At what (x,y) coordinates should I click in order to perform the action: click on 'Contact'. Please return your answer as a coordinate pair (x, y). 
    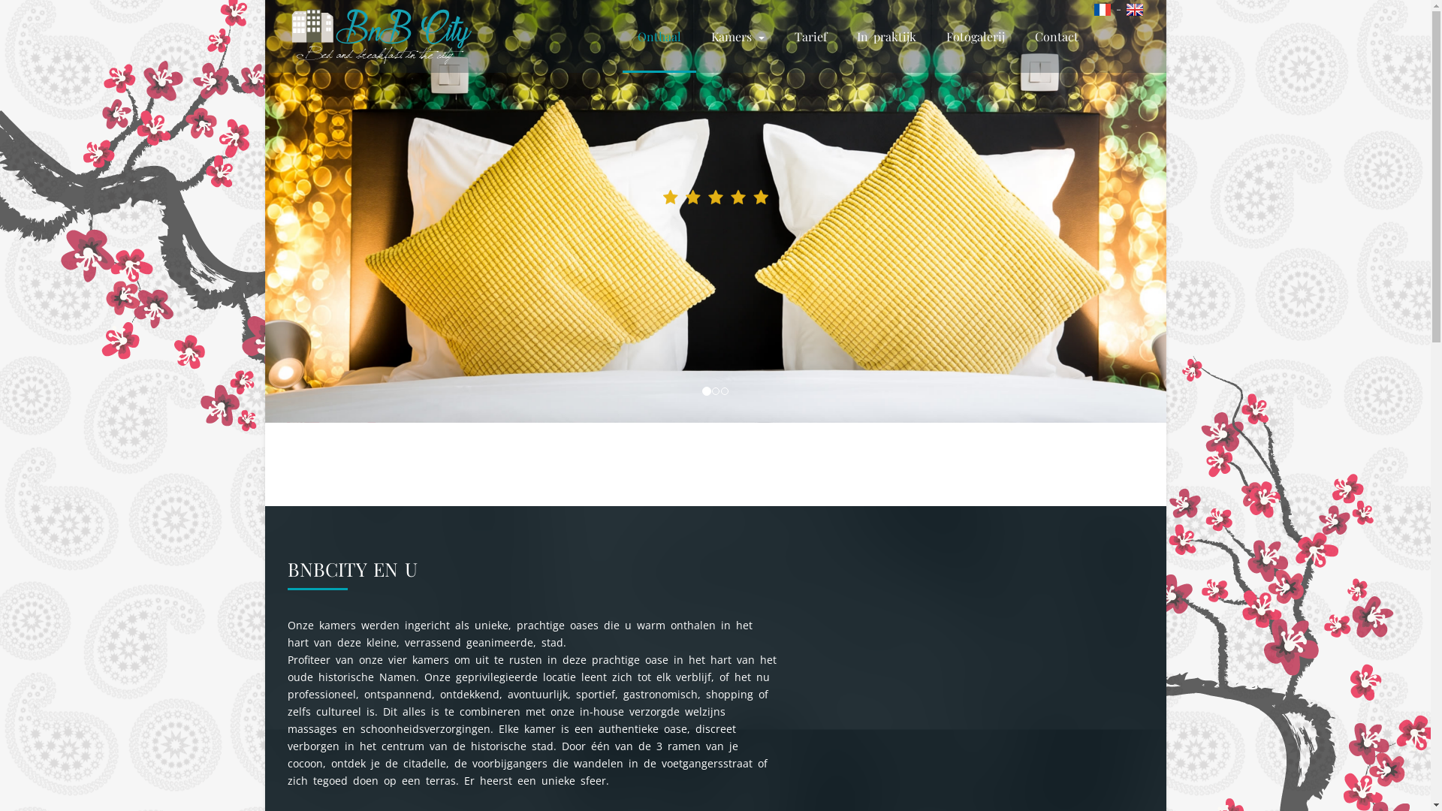
    Looking at the image, I should click on (1020, 35).